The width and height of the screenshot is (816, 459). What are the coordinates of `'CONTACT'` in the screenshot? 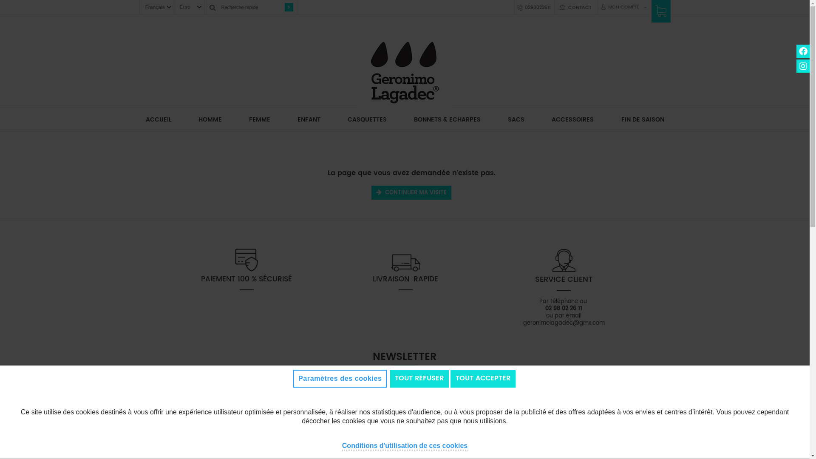 It's located at (579, 8).